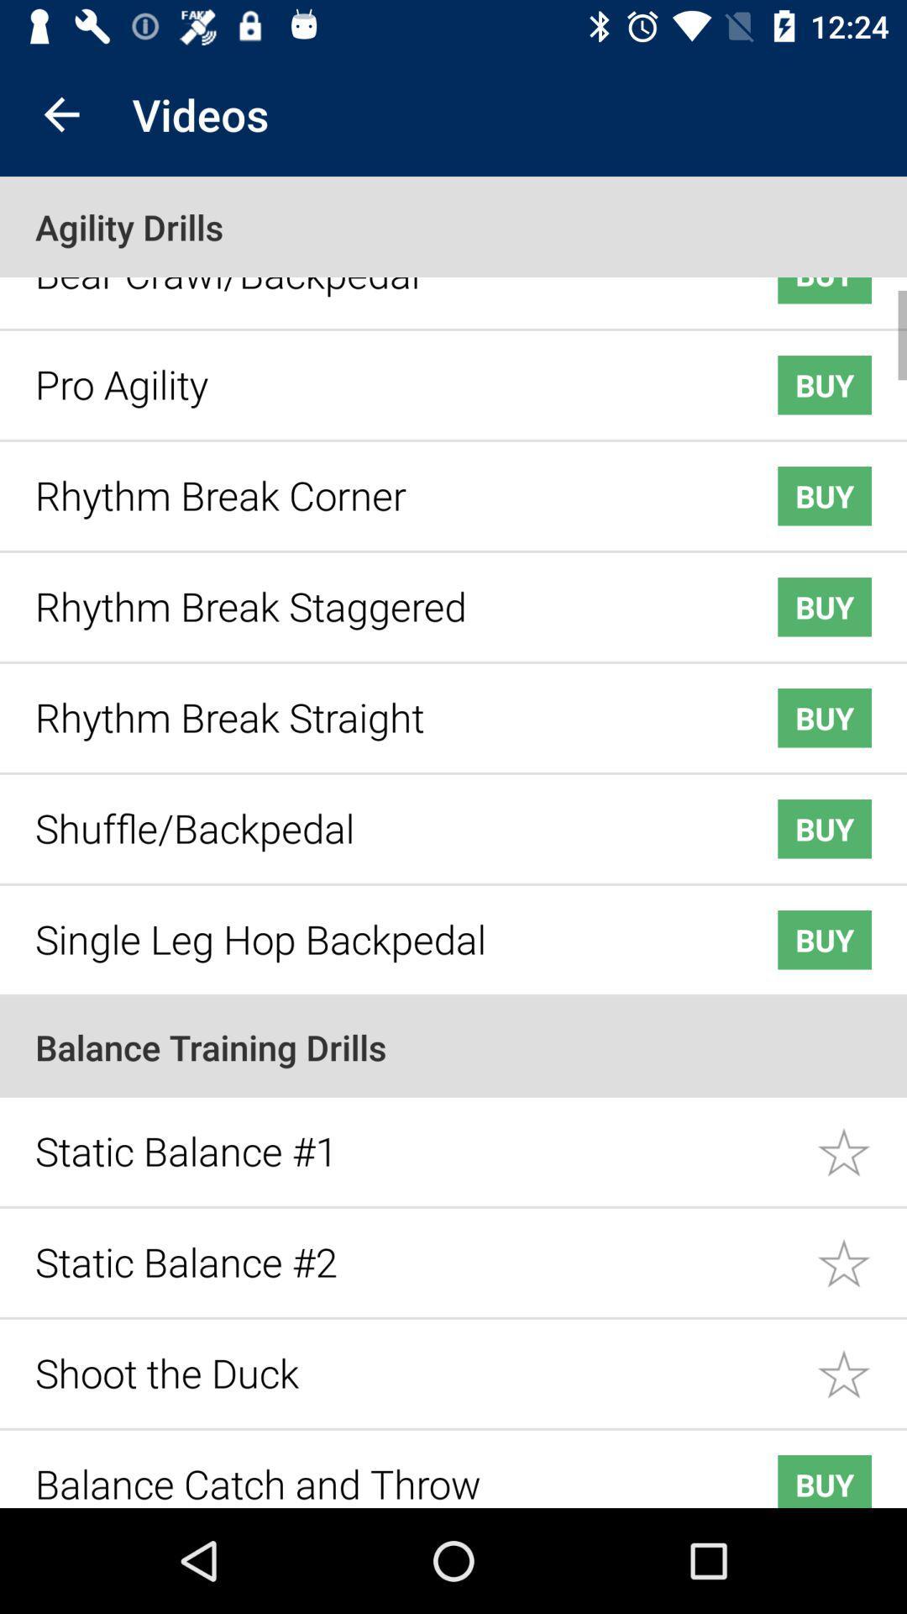 The height and width of the screenshot is (1614, 907). Describe the element at coordinates (380, 371) in the screenshot. I see `the icon below the bear crawl/backpedal` at that location.